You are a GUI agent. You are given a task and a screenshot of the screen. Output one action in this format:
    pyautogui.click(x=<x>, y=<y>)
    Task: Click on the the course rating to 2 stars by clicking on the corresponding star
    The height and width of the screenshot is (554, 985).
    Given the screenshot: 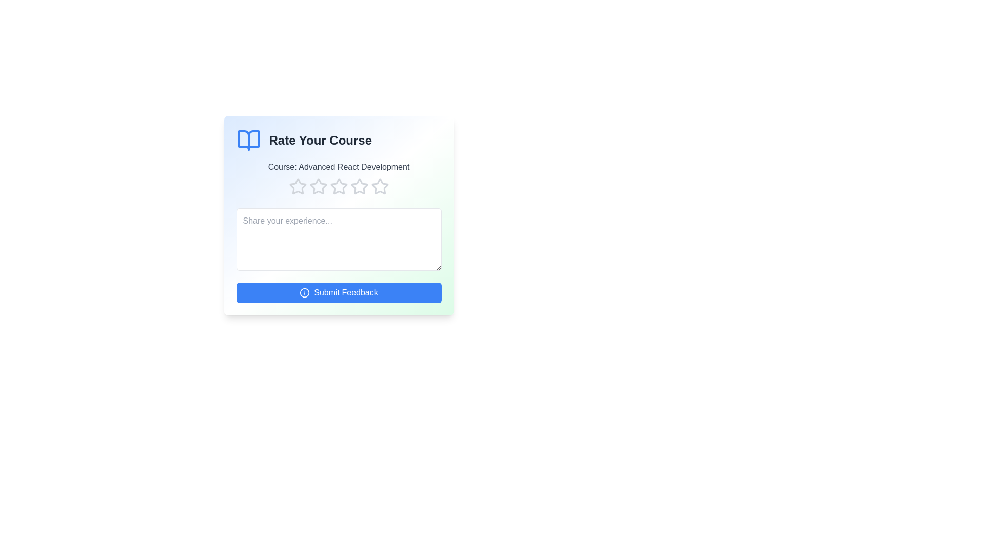 What is the action you would take?
    pyautogui.click(x=318, y=186)
    